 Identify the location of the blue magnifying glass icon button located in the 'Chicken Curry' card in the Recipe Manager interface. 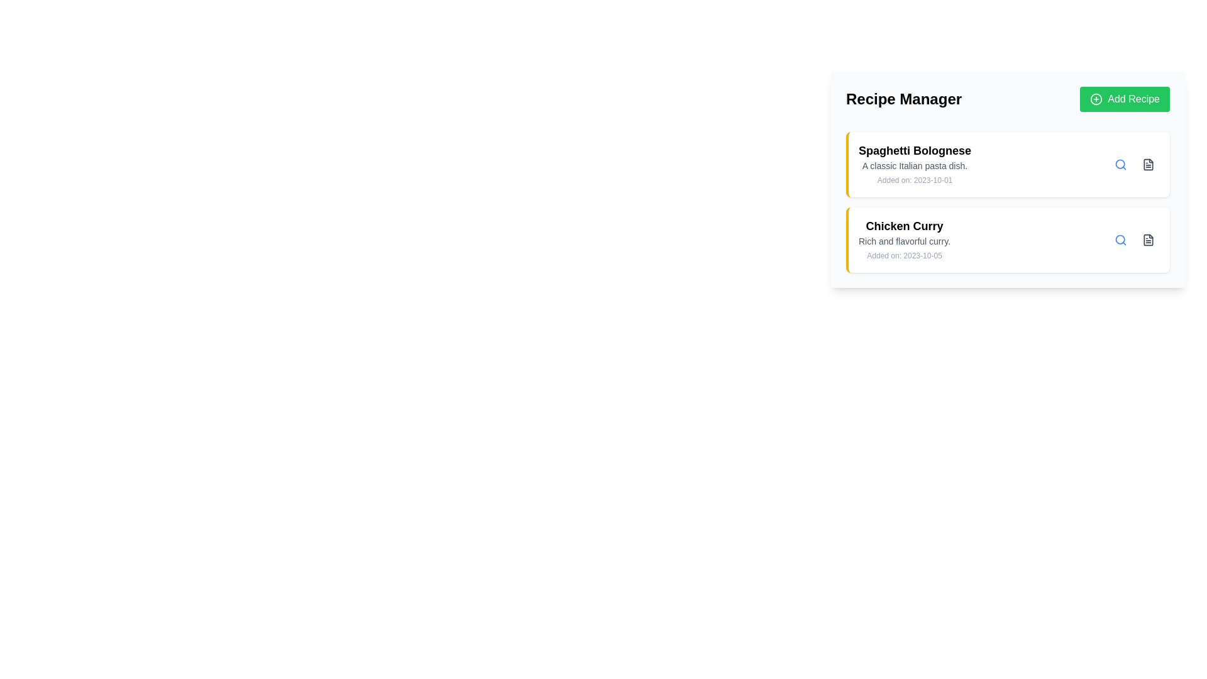
(1120, 240).